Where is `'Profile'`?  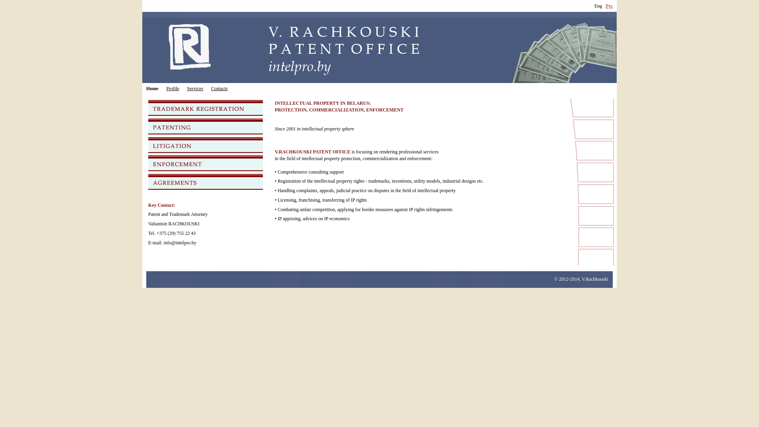
'Profile' is located at coordinates (172, 89).